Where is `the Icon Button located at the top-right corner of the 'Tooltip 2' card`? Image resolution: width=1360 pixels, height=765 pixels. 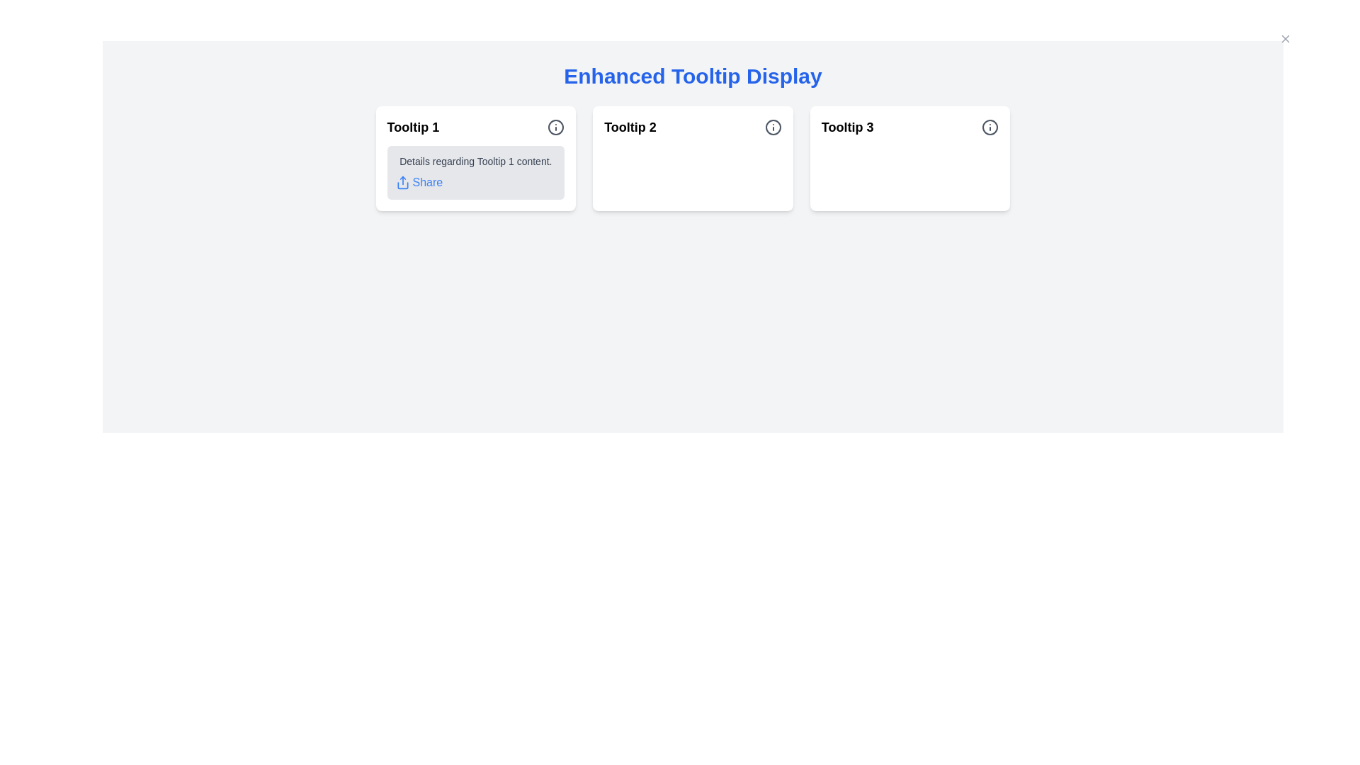 the Icon Button located at the top-right corner of the 'Tooltip 2' card is located at coordinates (772, 127).